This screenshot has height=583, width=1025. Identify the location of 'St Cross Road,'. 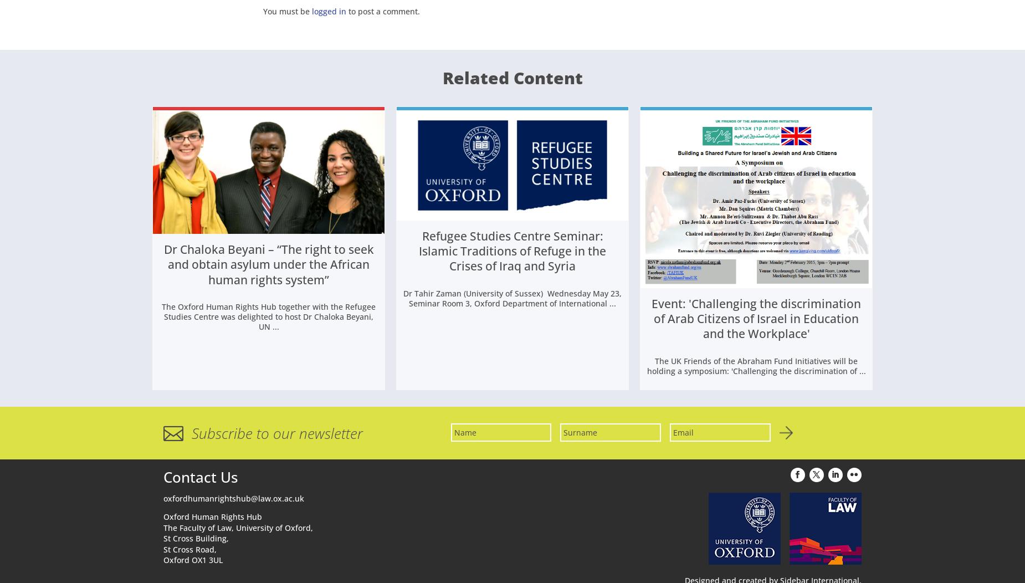
(189, 551).